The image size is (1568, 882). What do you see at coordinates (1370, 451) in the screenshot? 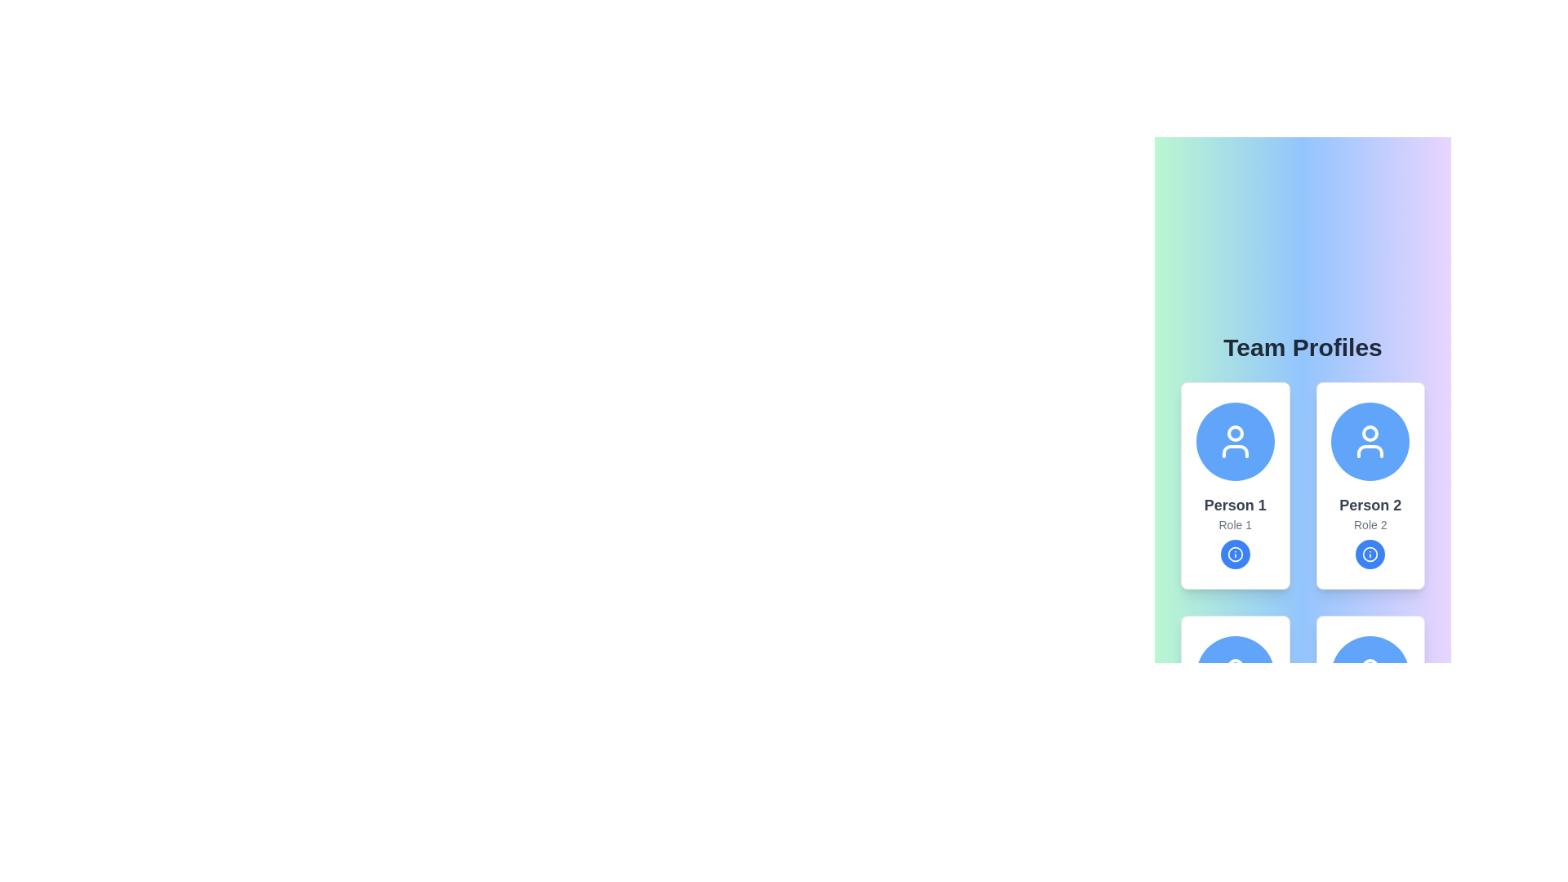
I see `the lower part of the person icon illustration within the second user profile card labeled 'Person 2 Role 2'` at bounding box center [1370, 451].